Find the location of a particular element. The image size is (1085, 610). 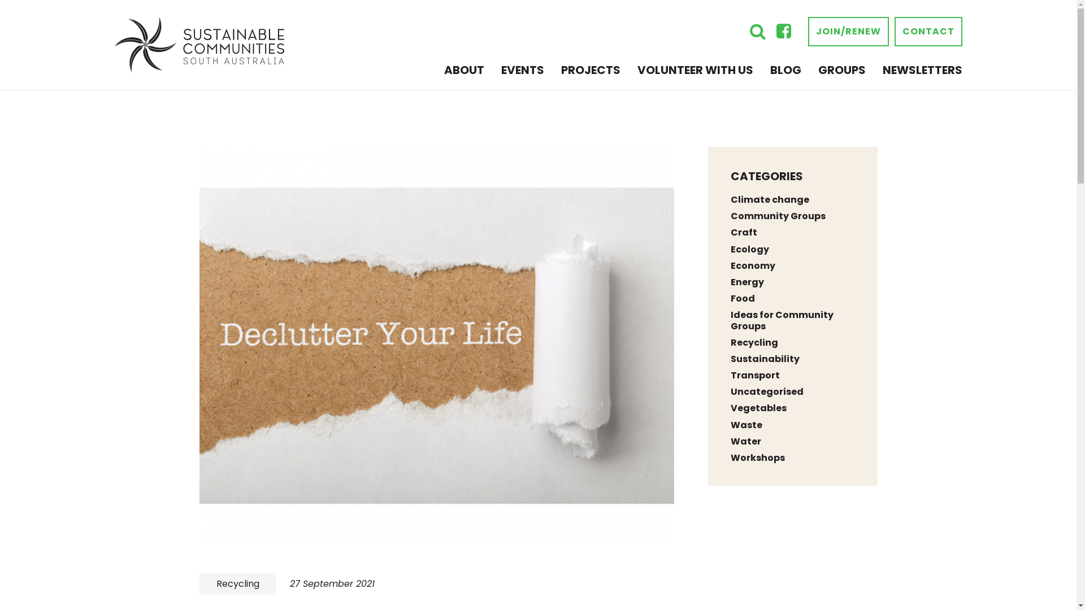

'Ecology' is located at coordinates (749, 249).